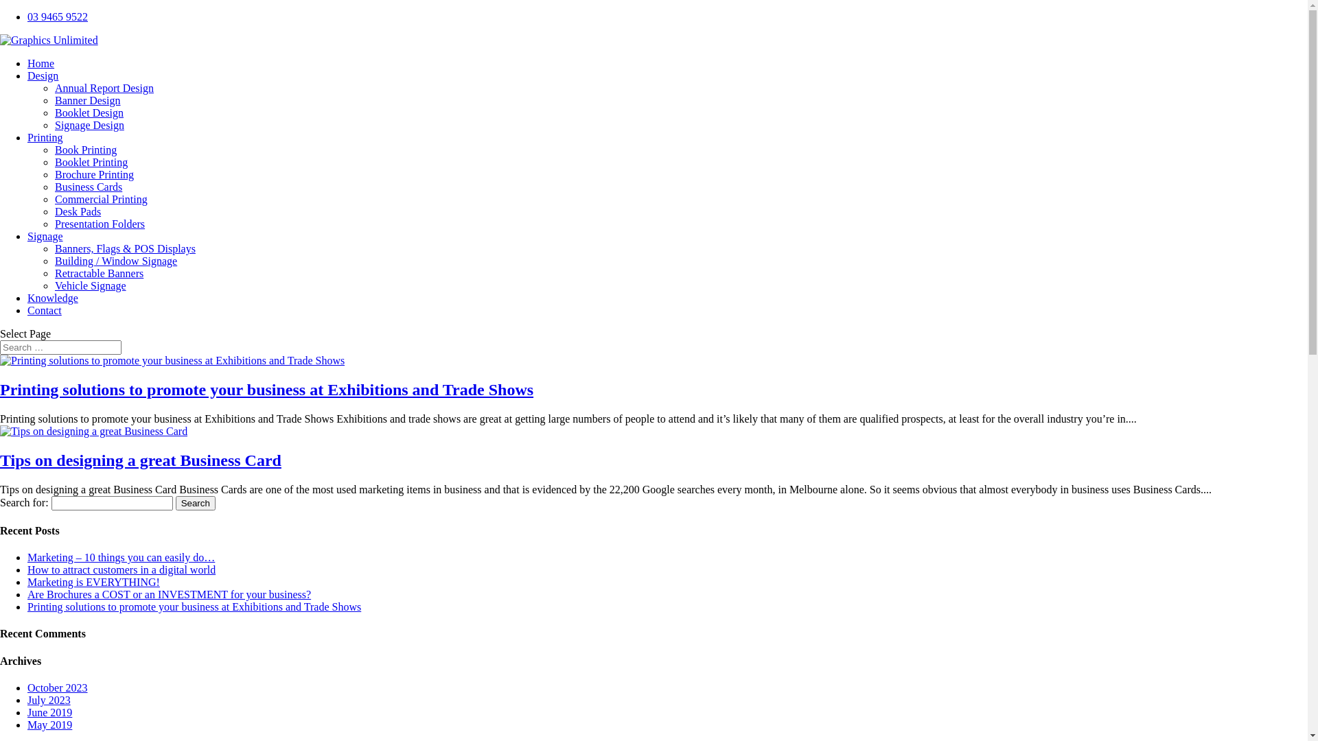 The width and height of the screenshot is (1318, 741). What do you see at coordinates (56, 16) in the screenshot?
I see `'03 9465 9522'` at bounding box center [56, 16].